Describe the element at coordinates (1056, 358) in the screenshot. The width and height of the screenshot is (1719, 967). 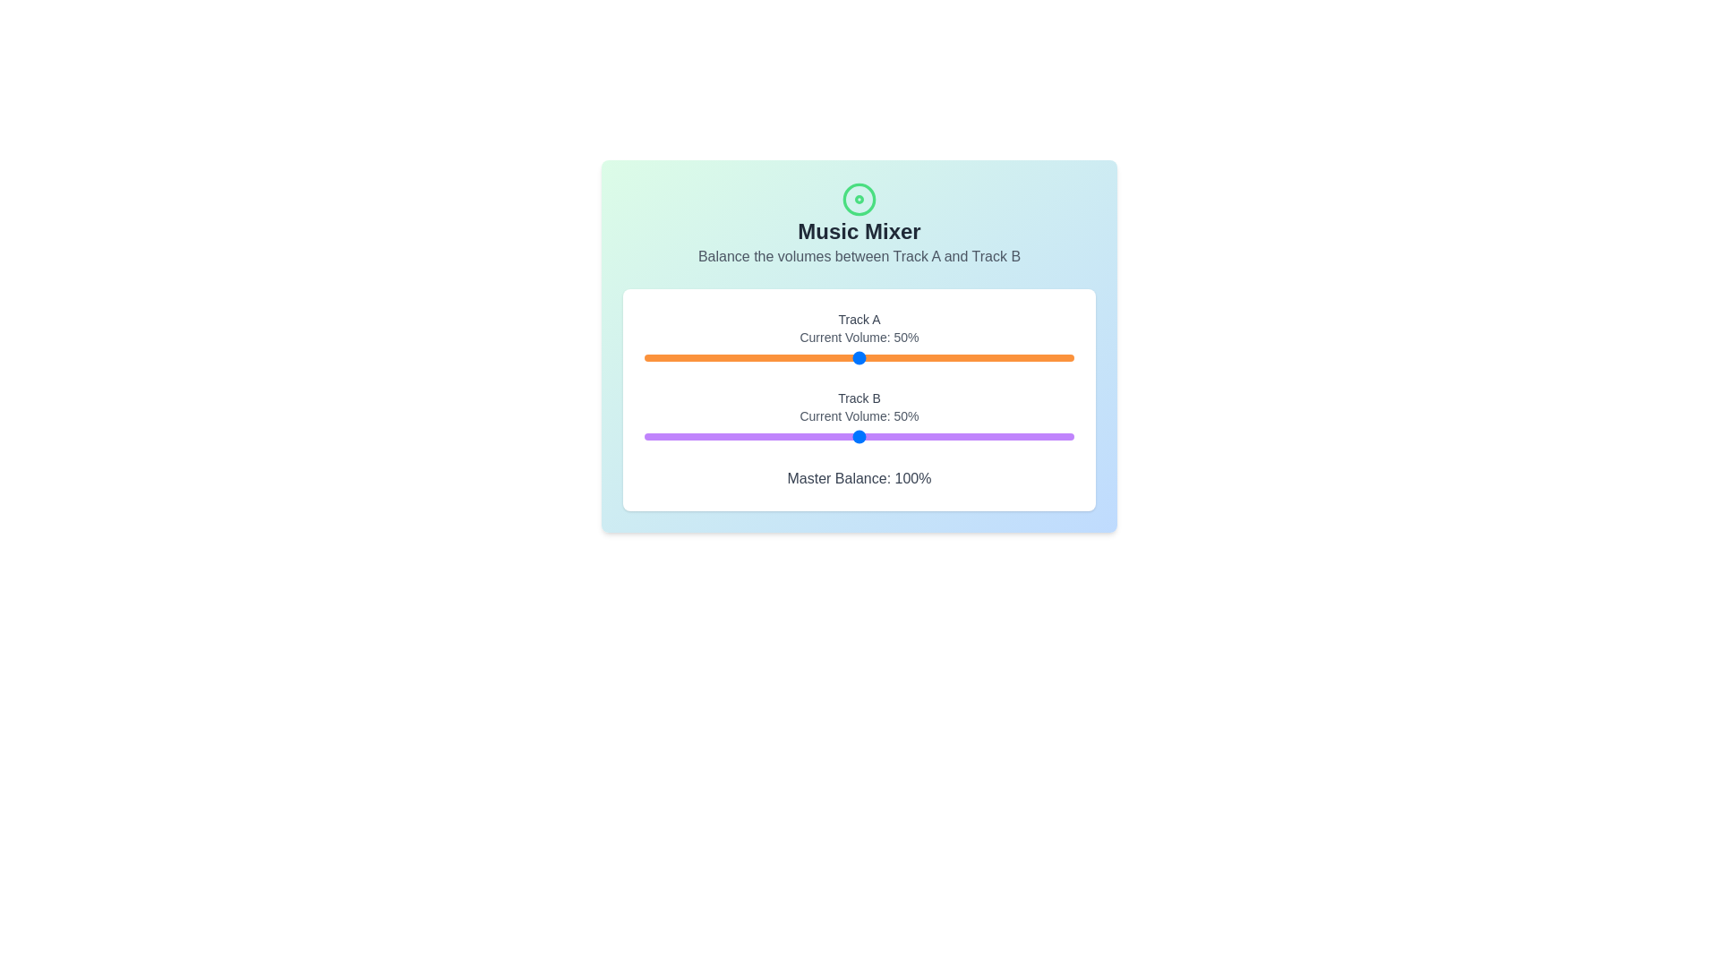
I see `the volume for Track A to 96% by interacting with the slider` at that location.